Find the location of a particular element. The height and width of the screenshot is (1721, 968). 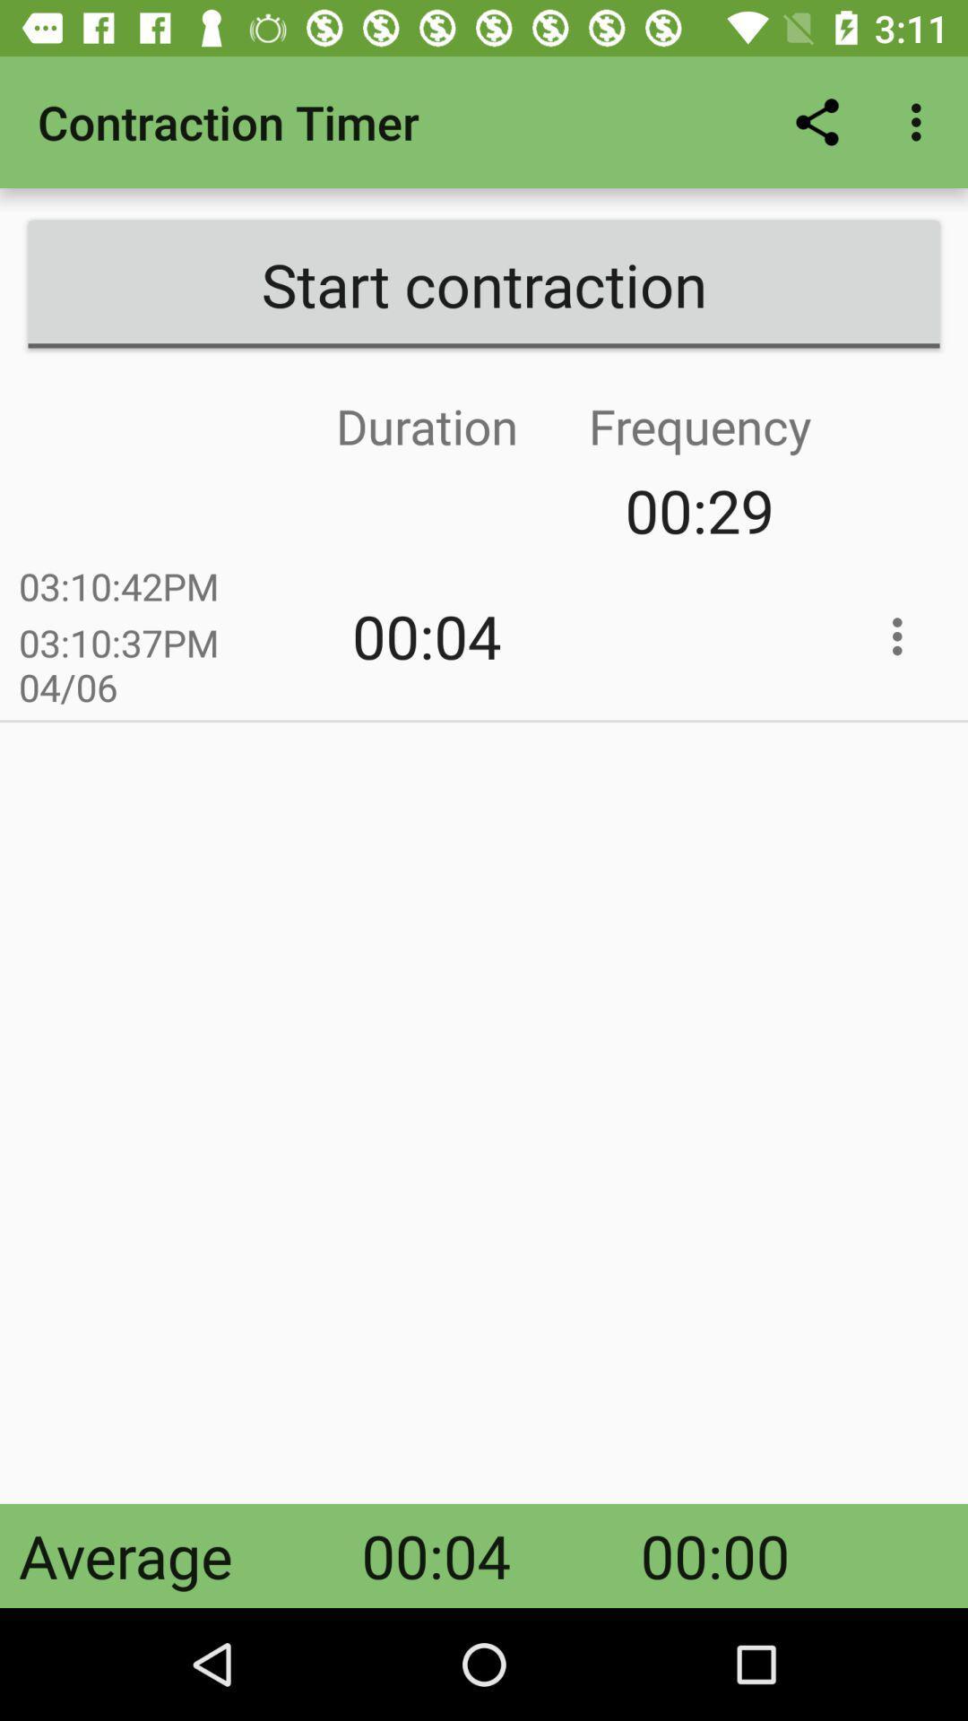

the icon above the start contraction item is located at coordinates (817, 121).